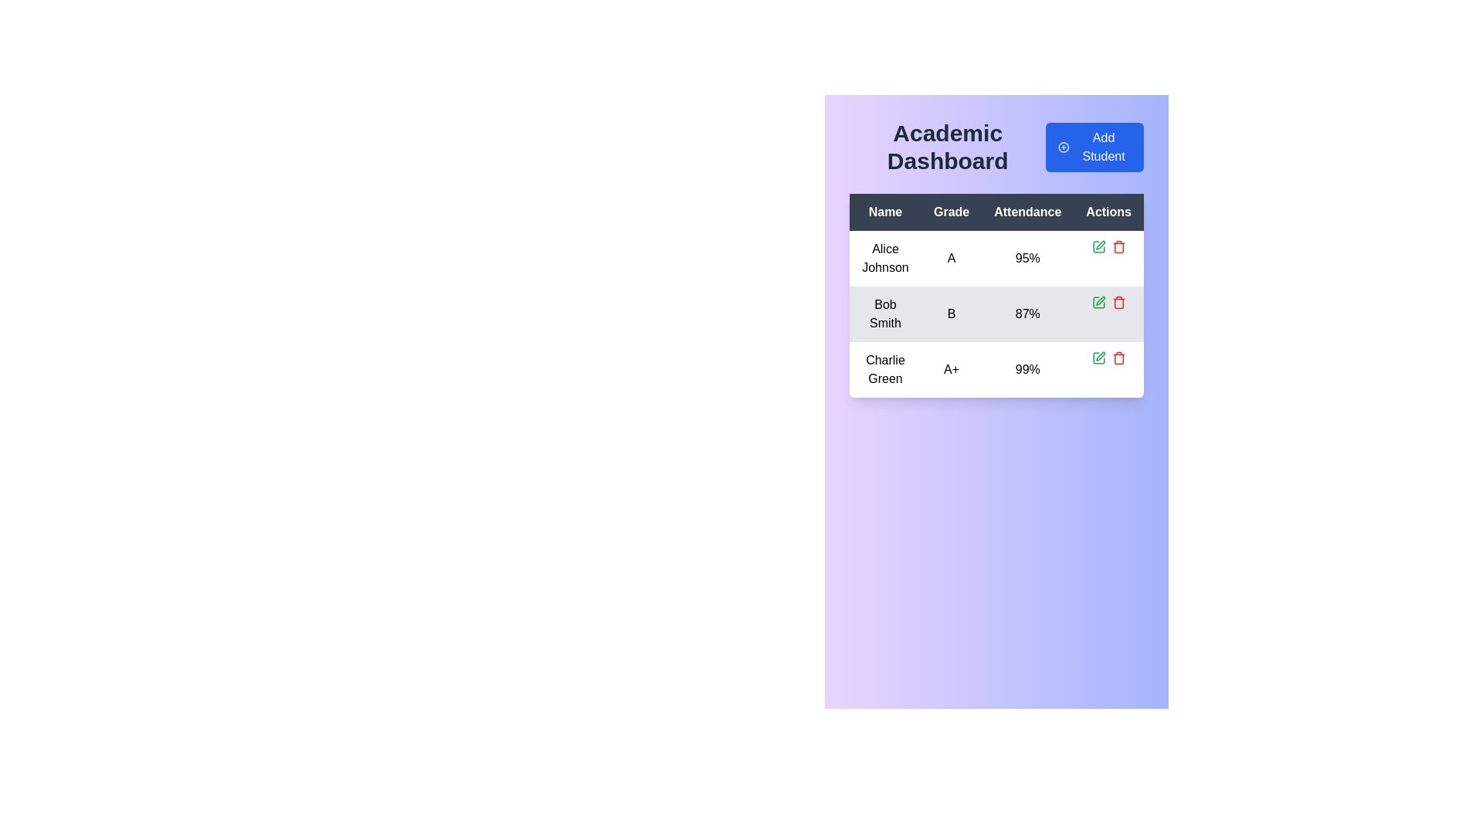 This screenshot has height=834, width=1483. I want to click on the green edit icon with a pen symbol in the 'Actions' column associated with 'Charlie Green', so click(1098, 358).